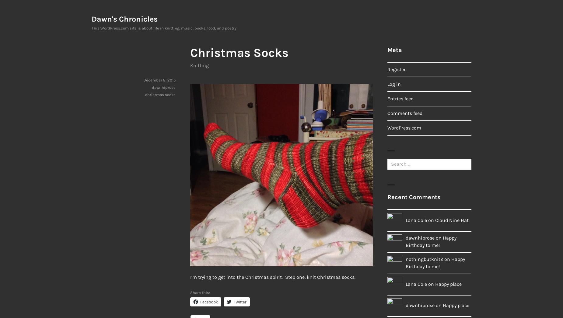  I want to click on 'Share this:', so click(200, 292).